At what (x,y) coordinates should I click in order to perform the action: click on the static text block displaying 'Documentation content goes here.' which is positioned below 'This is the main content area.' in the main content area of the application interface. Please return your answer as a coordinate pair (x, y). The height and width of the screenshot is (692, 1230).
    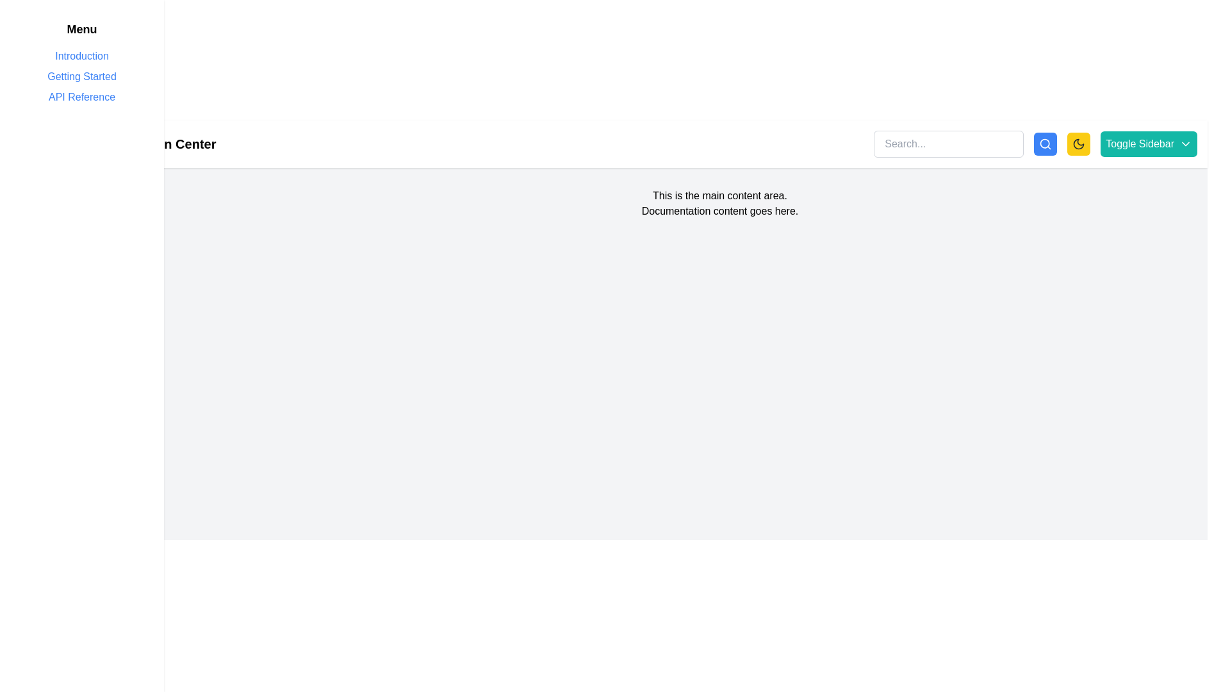
    Looking at the image, I should click on (719, 211).